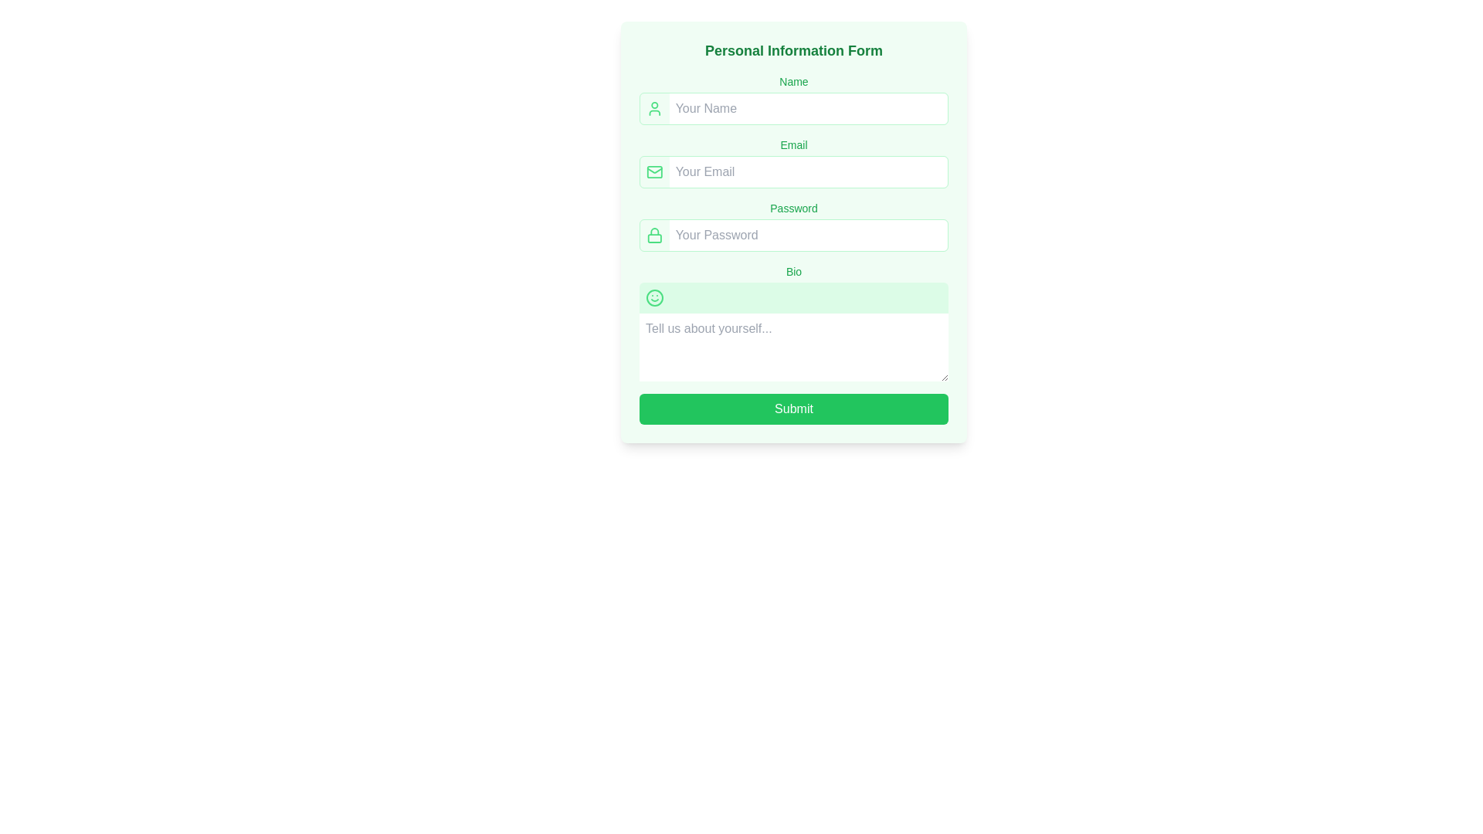 The image size is (1483, 834). What do you see at coordinates (807, 235) in the screenshot?
I see `the password input field, which is the fourth input field in the vertical form layout` at bounding box center [807, 235].